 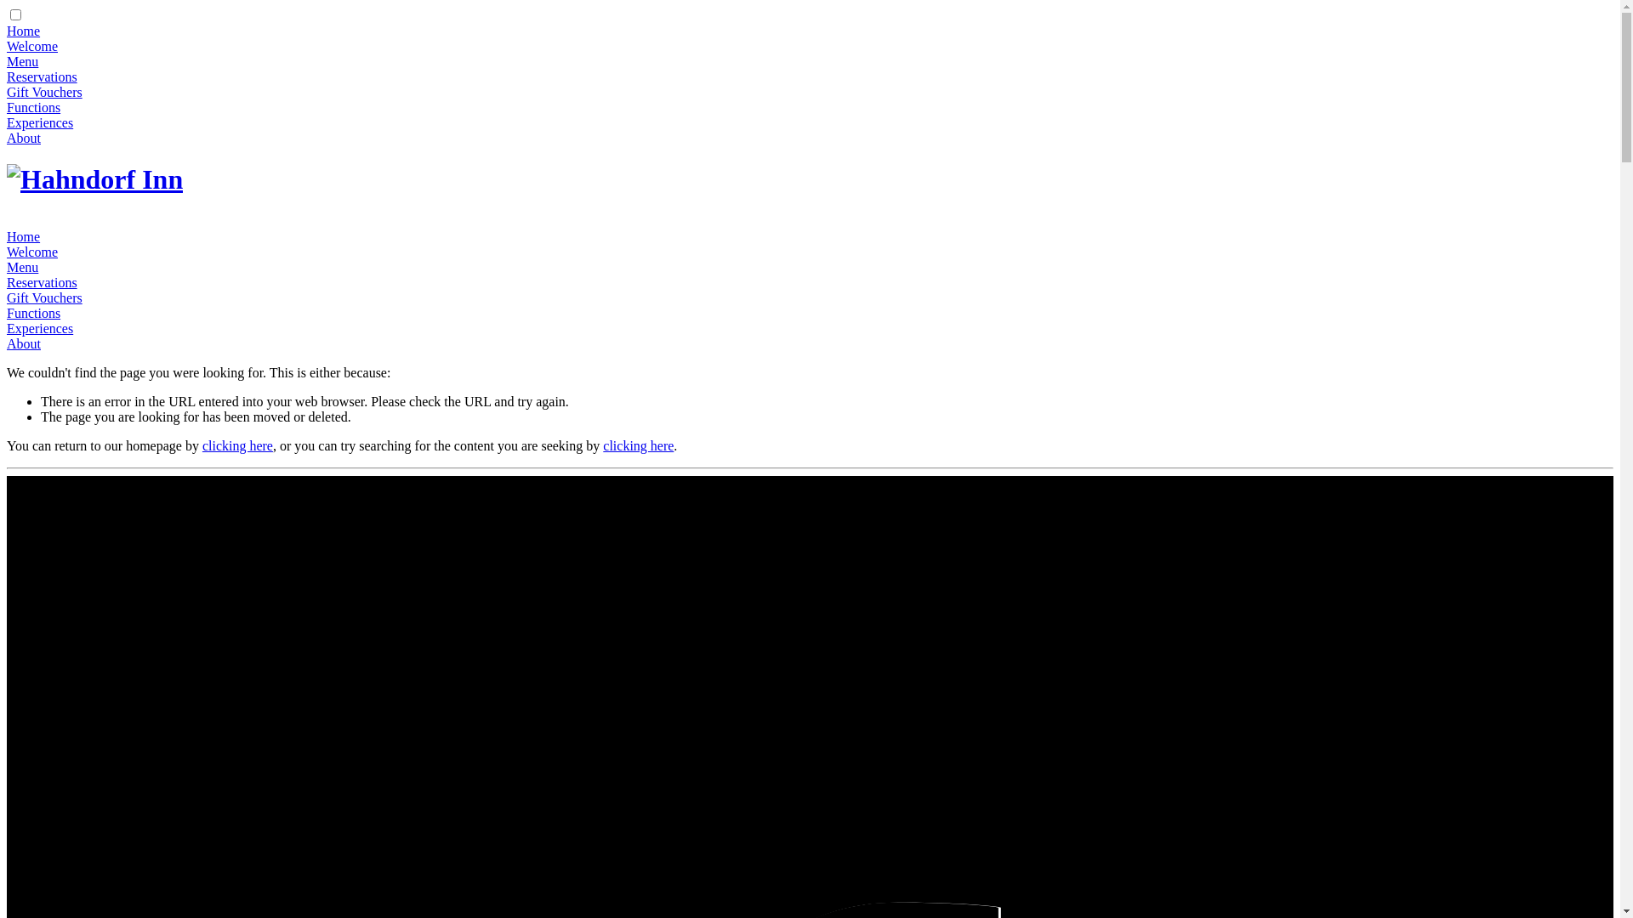 What do you see at coordinates (40, 122) in the screenshot?
I see `'Experiences'` at bounding box center [40, 122].